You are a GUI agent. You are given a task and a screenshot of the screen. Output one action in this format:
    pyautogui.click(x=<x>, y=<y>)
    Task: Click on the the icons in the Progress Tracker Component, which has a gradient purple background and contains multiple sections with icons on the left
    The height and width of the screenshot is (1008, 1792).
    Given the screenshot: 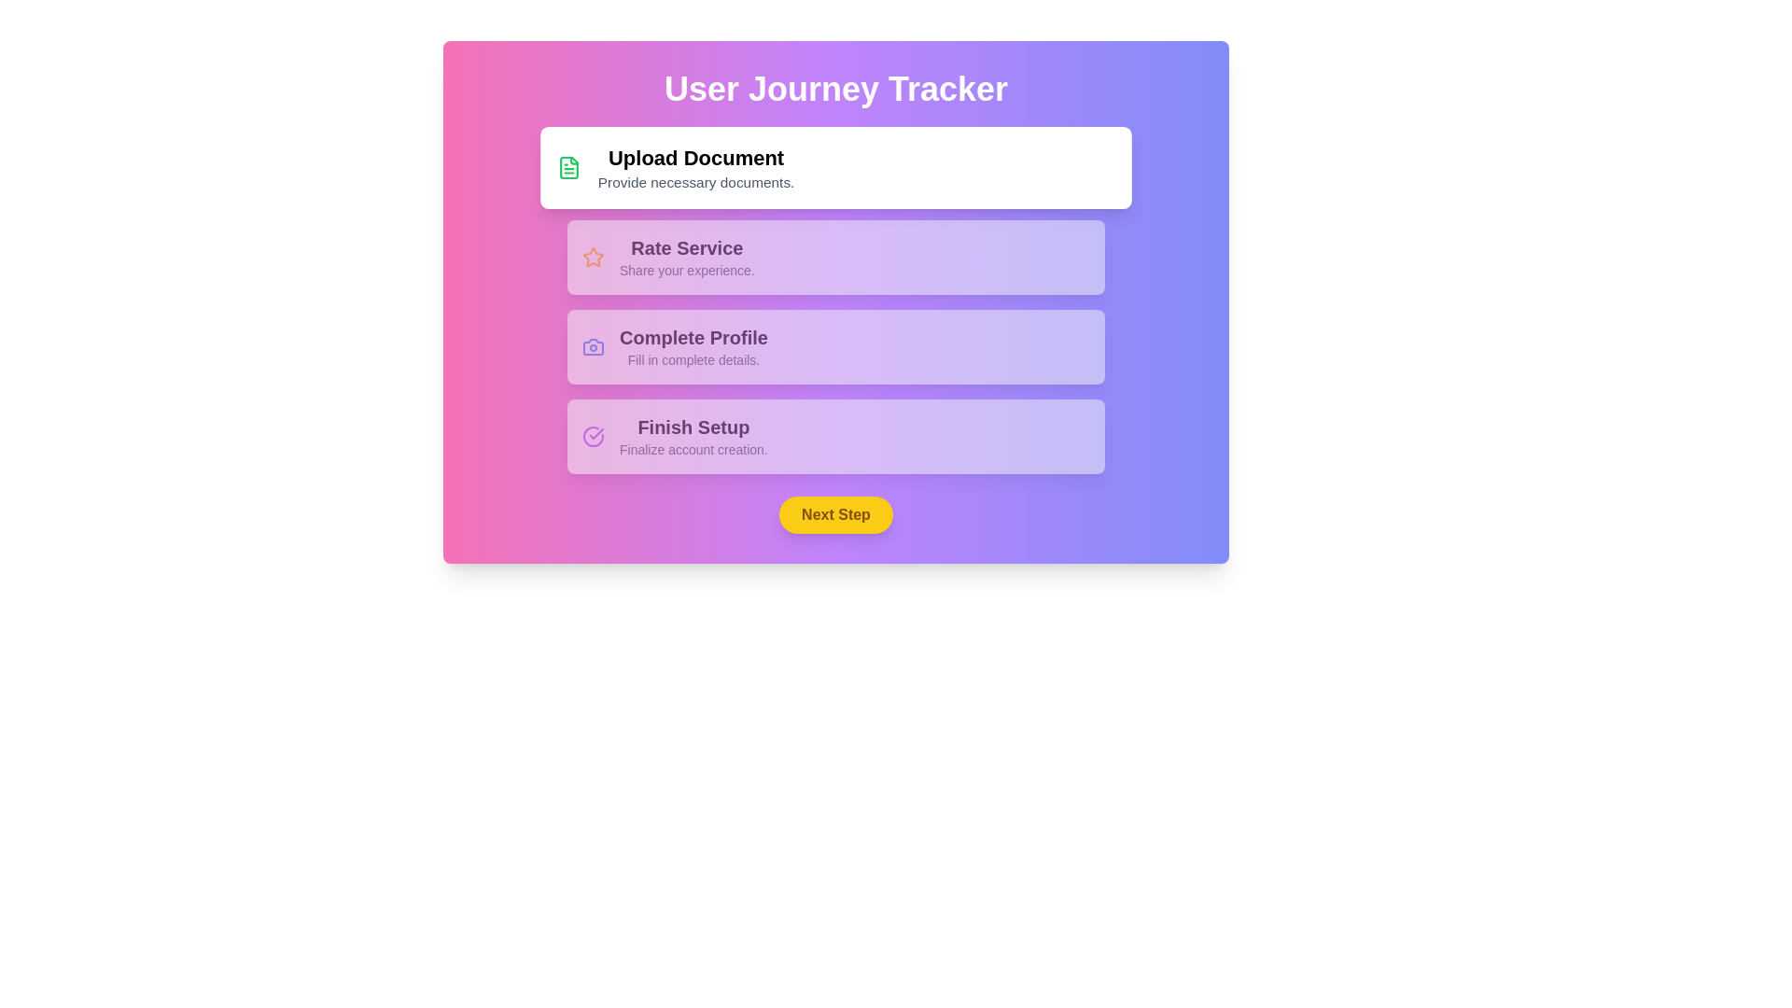 What is the action you would take?
    pyautogui.click(x=835, y=301)
    